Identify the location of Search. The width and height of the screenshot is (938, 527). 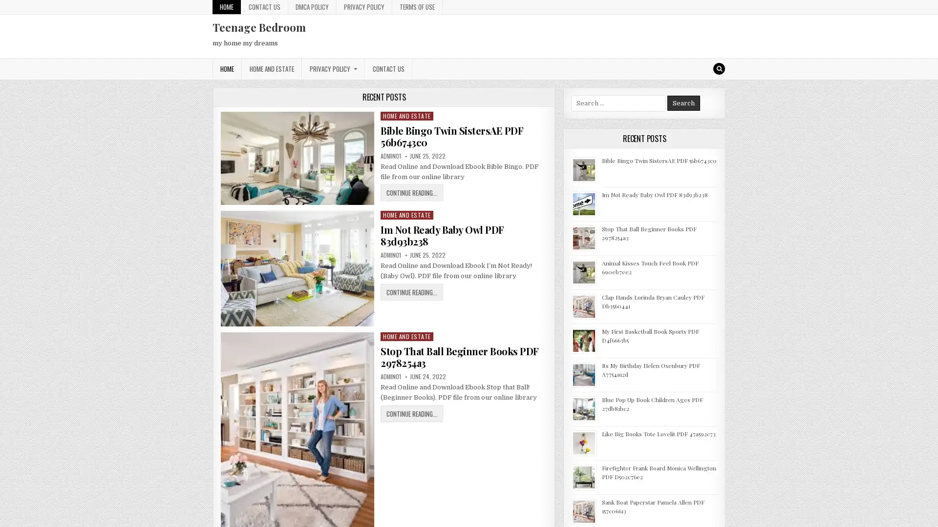
(683, 103).